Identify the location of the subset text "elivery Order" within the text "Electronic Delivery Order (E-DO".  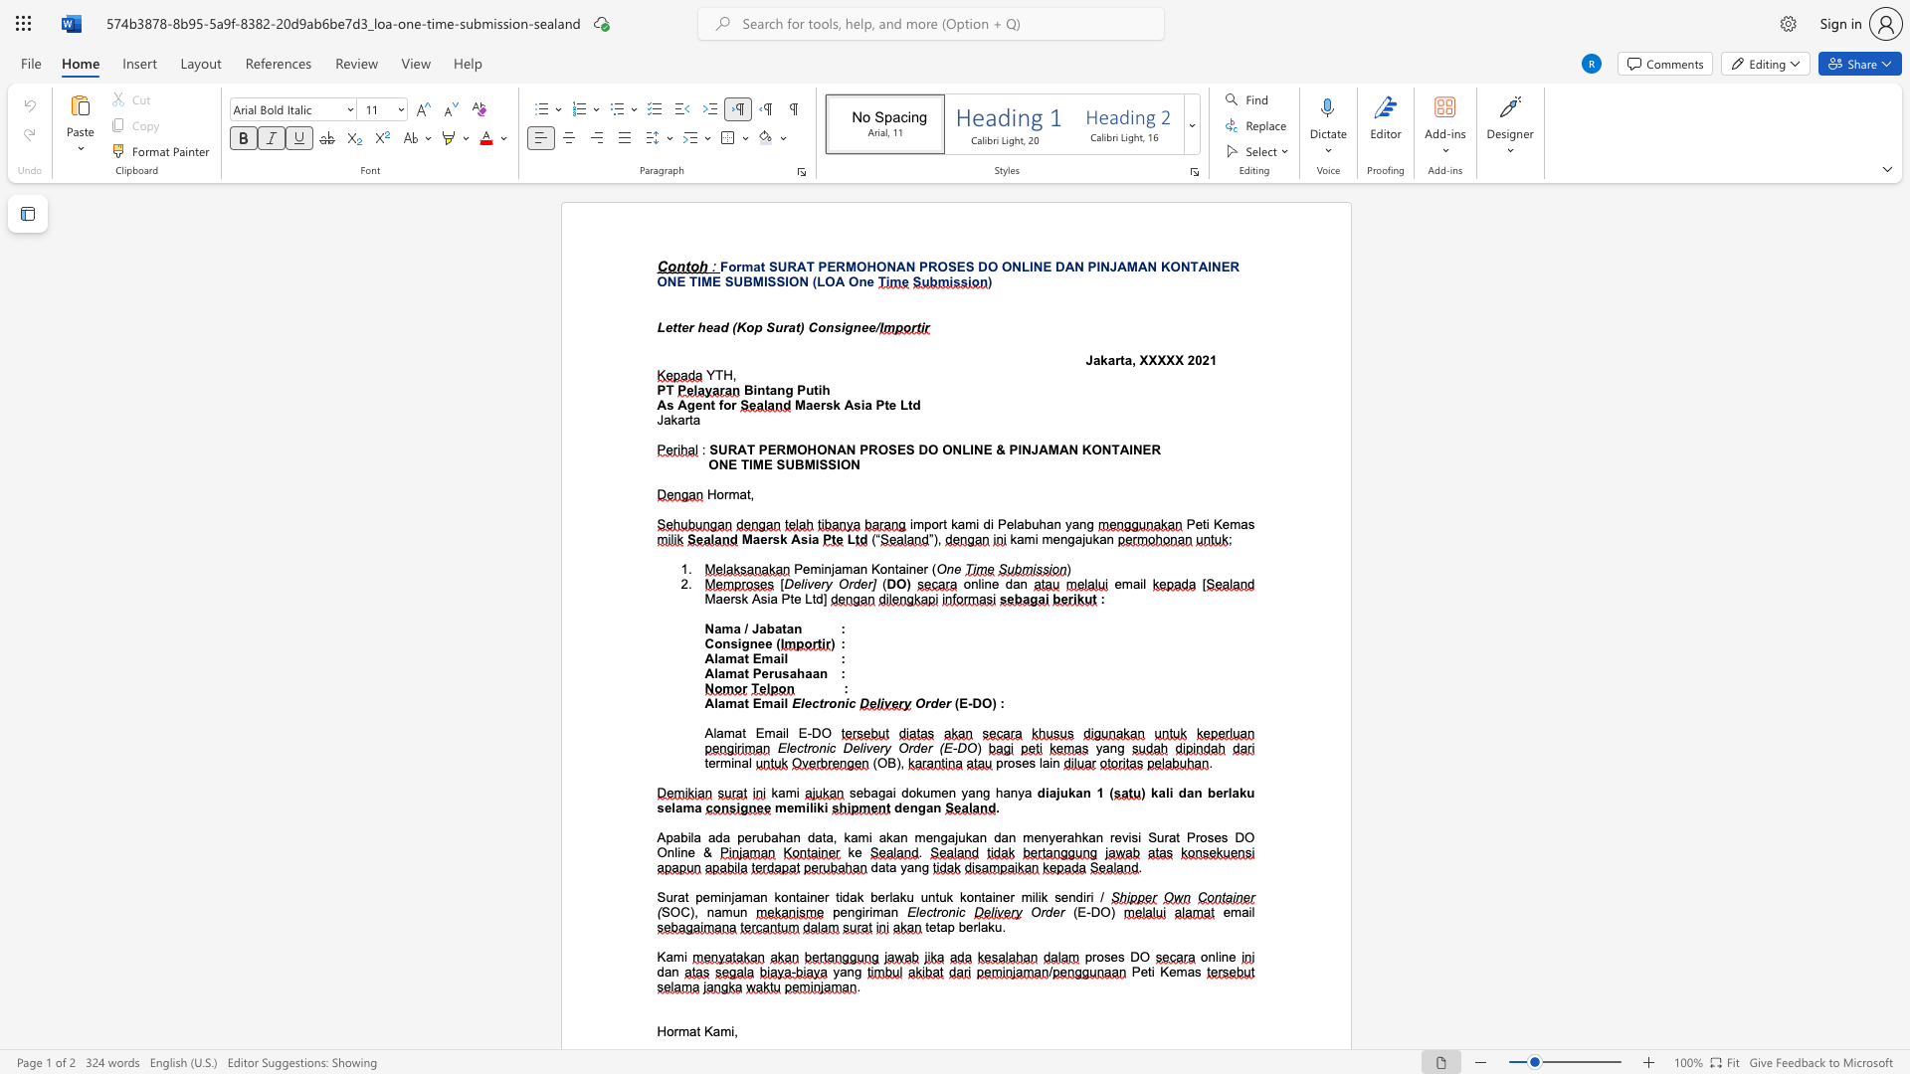
(853, 748).